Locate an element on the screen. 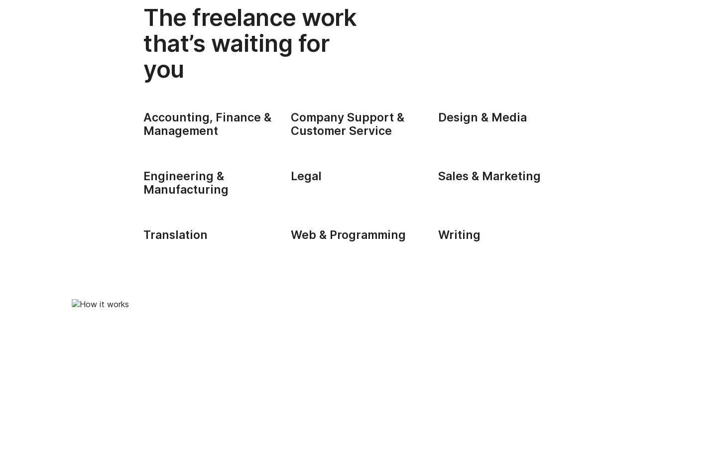 Image resolution: width=717 pixels, height=455 pixels. 'Sales & Marketing' is located at coordinates (437, 175).